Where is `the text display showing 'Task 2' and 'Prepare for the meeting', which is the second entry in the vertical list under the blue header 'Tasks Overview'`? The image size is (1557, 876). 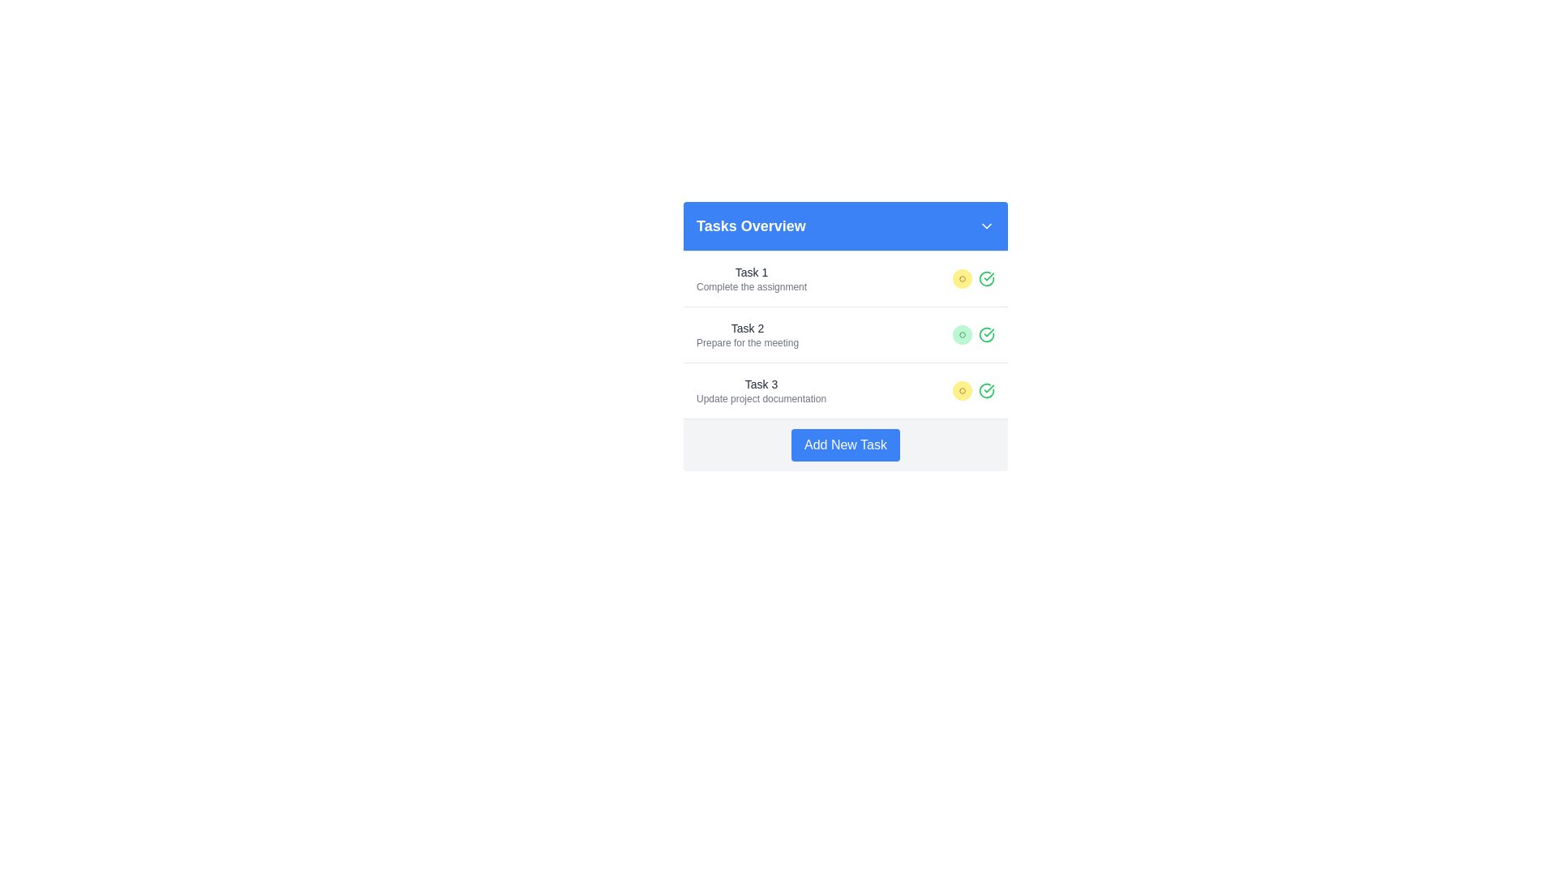
the text display showing 'Task 2' and 'Prepare for the meeting', which is the second entry in the vertical list under the blue header 'Tasks Overview' is located at coordinates (746, 333).